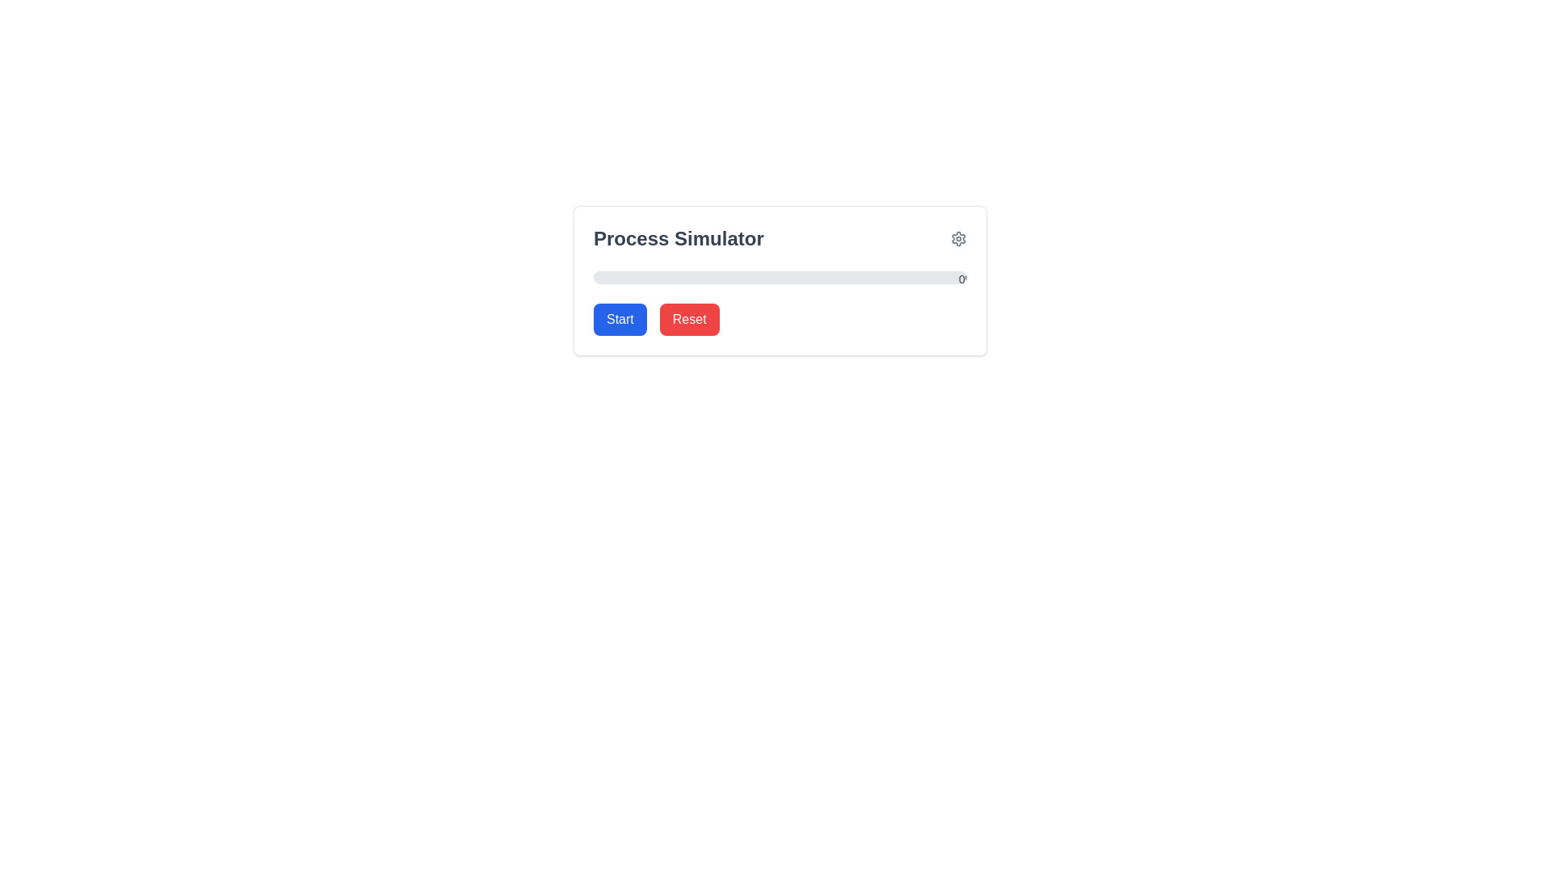 The width and height of the screenshot is (1551, 872). What do you see at coordinates (679, 239) in the screenshot?
I see `the 'Process Simulator' text label, which is styled with a bold font and displayed in dark gray` at bounding box center [679, 239].